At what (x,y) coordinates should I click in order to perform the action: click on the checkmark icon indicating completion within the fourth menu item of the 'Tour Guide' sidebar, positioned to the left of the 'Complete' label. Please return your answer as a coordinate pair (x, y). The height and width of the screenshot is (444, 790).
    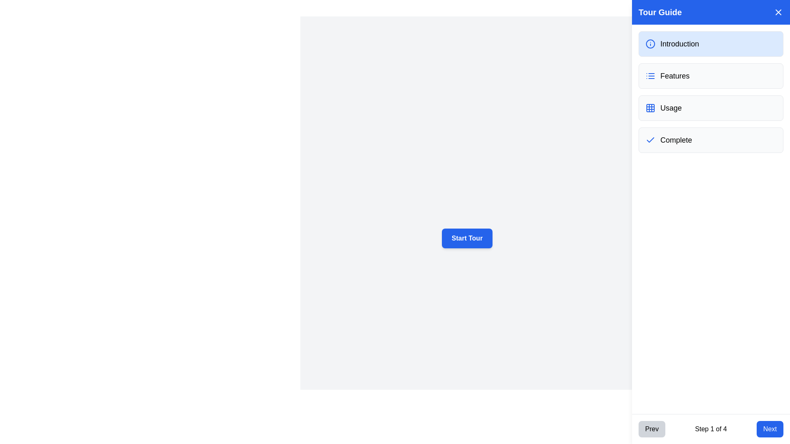
    Looking at the image, I should click on (650, 139).